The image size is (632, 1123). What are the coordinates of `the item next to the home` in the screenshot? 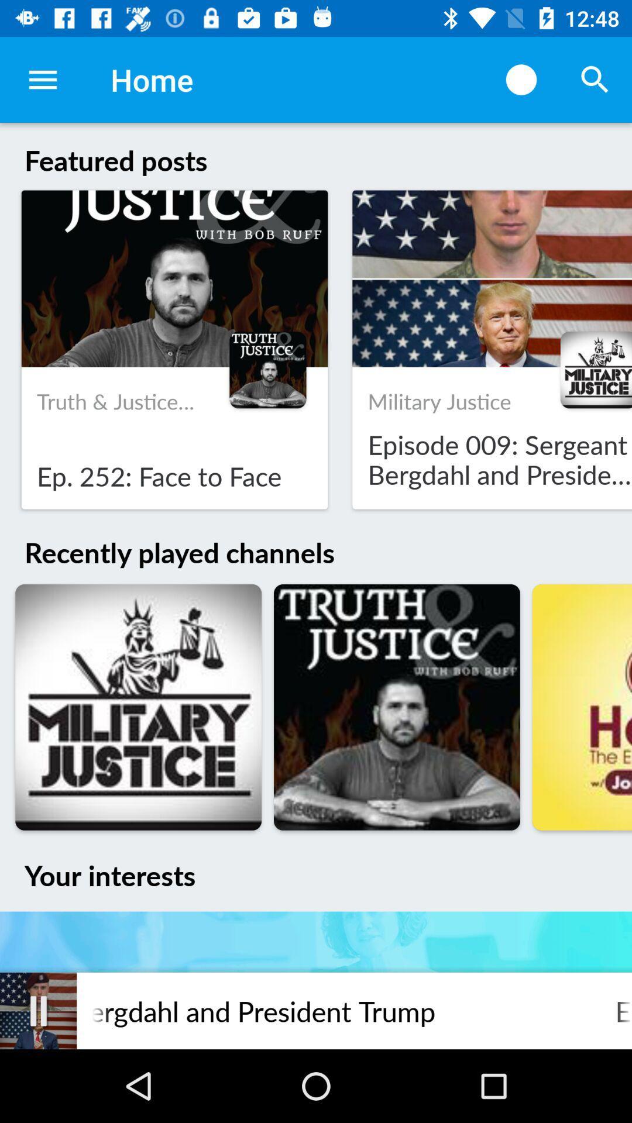 It's located at (42, 79).